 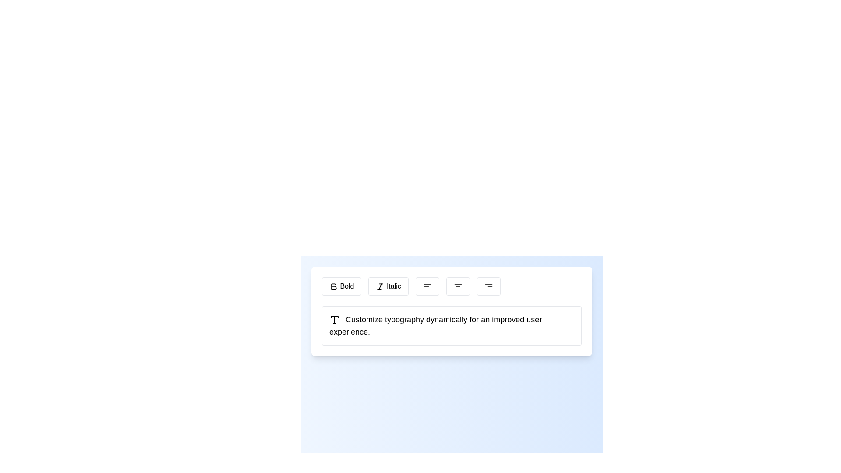 What do you see at coordinates (341, 286) in the screenshot?
I see `the bold toggle button, which is positioned first on the left side of a row of buttons` at bounding box center [341, 286].